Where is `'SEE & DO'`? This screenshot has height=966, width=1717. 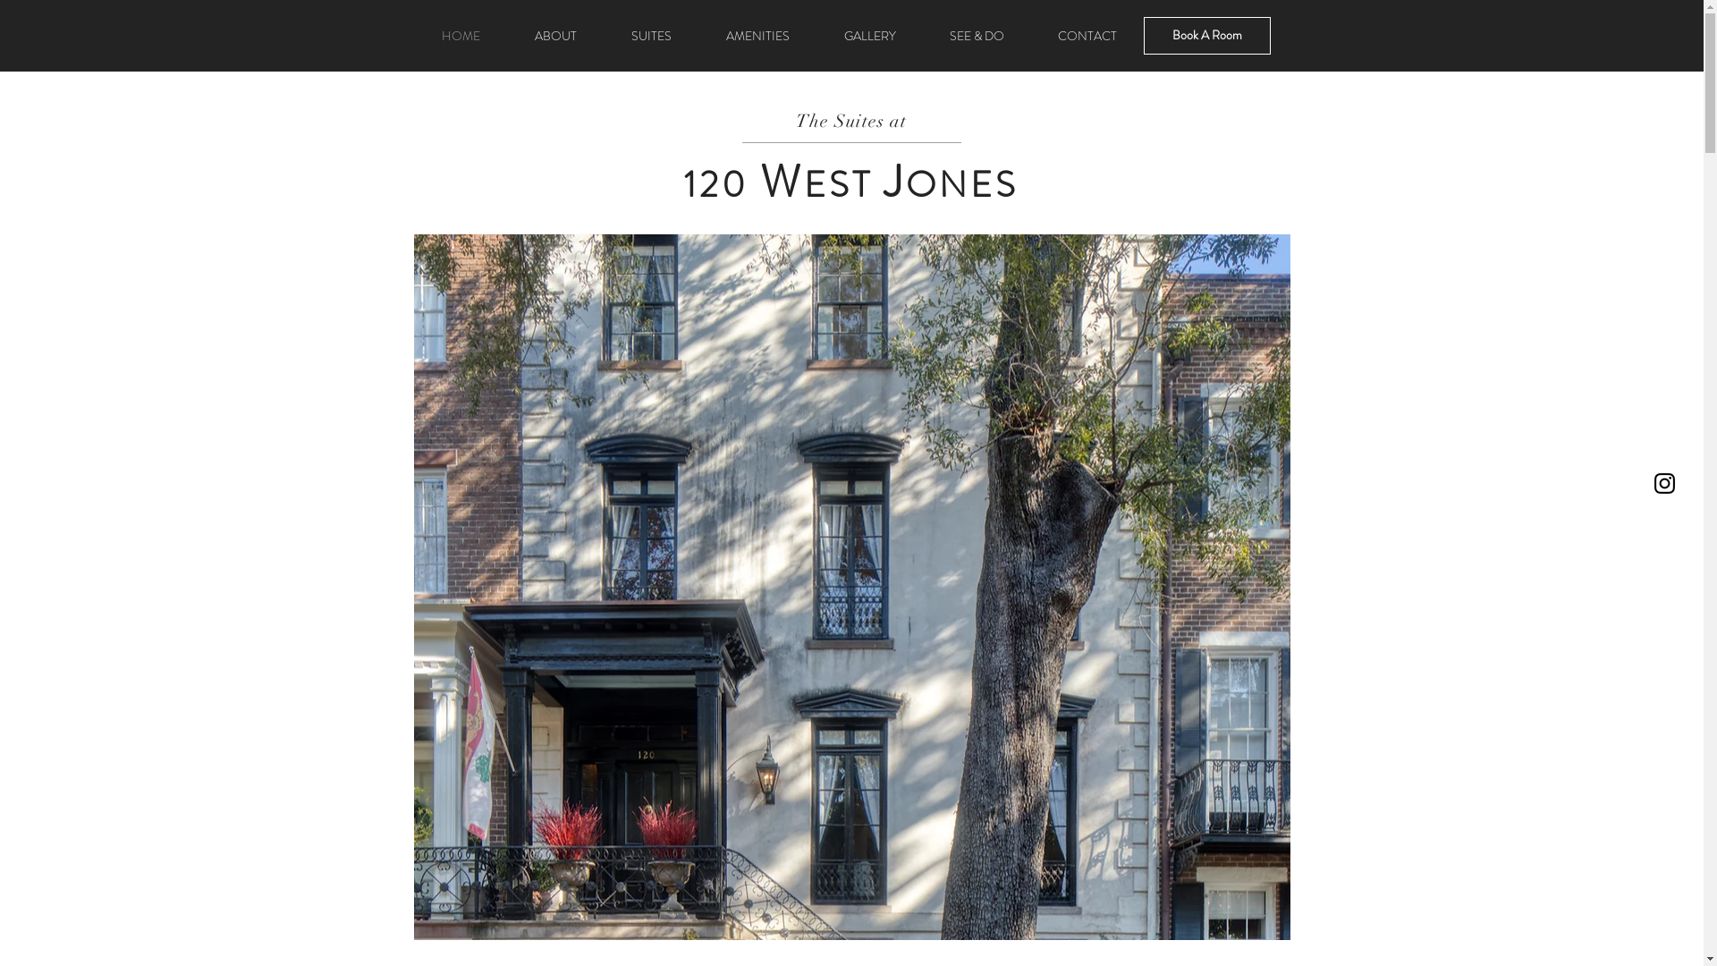
'SEE & DO' is located at coordinates (976, 35).